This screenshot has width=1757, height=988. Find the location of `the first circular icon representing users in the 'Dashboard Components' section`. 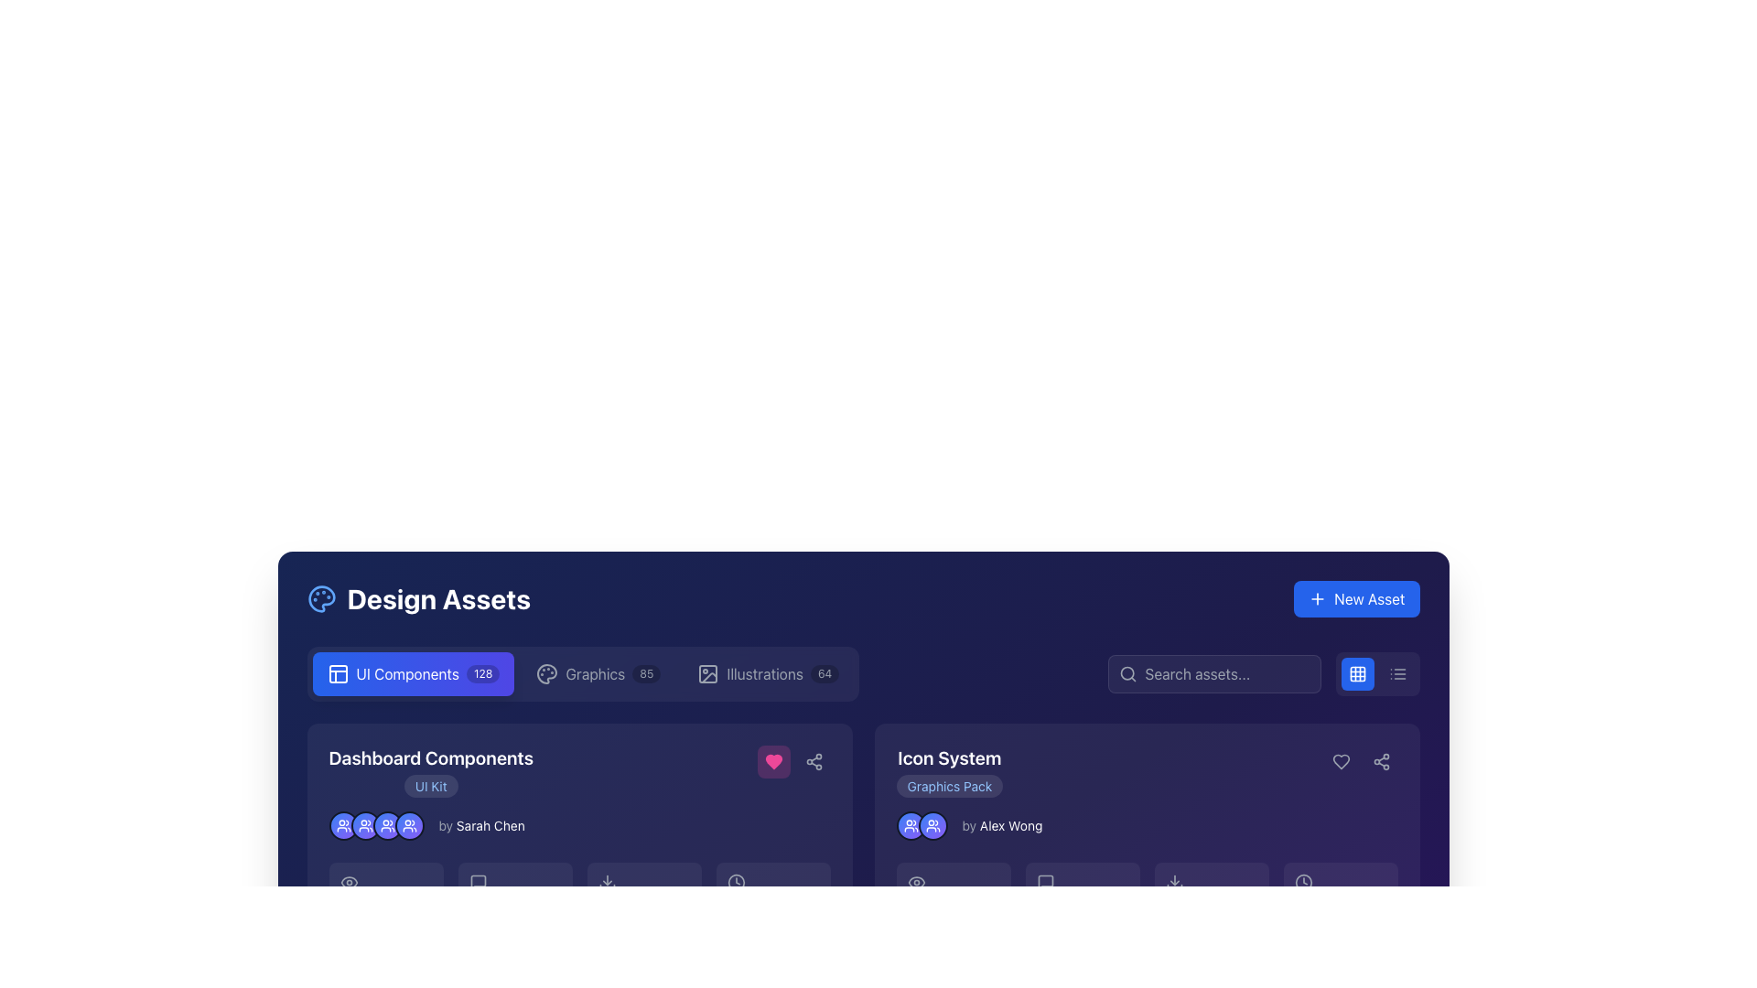

the first circular icon representing users in the 'Dashboard Components' section is located at coordinates (343, 825).